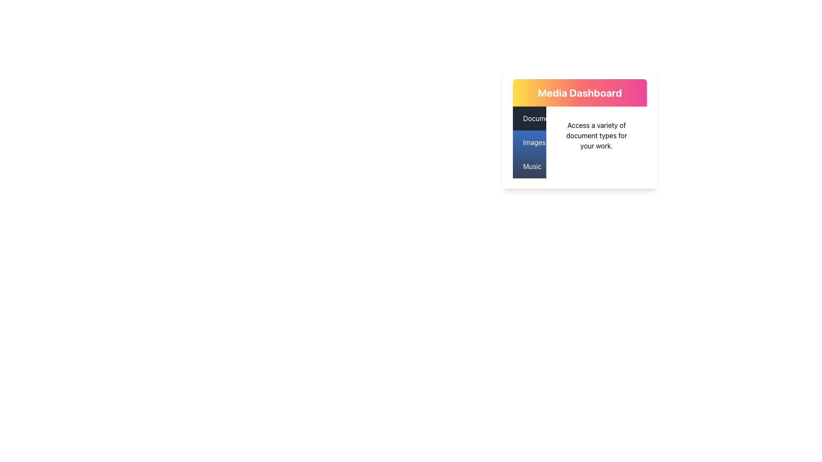  Describe the element at coordinates (540, 118) in the screenshot. I see `the 'Documents' text label in the vertical navigation menu` at that location.